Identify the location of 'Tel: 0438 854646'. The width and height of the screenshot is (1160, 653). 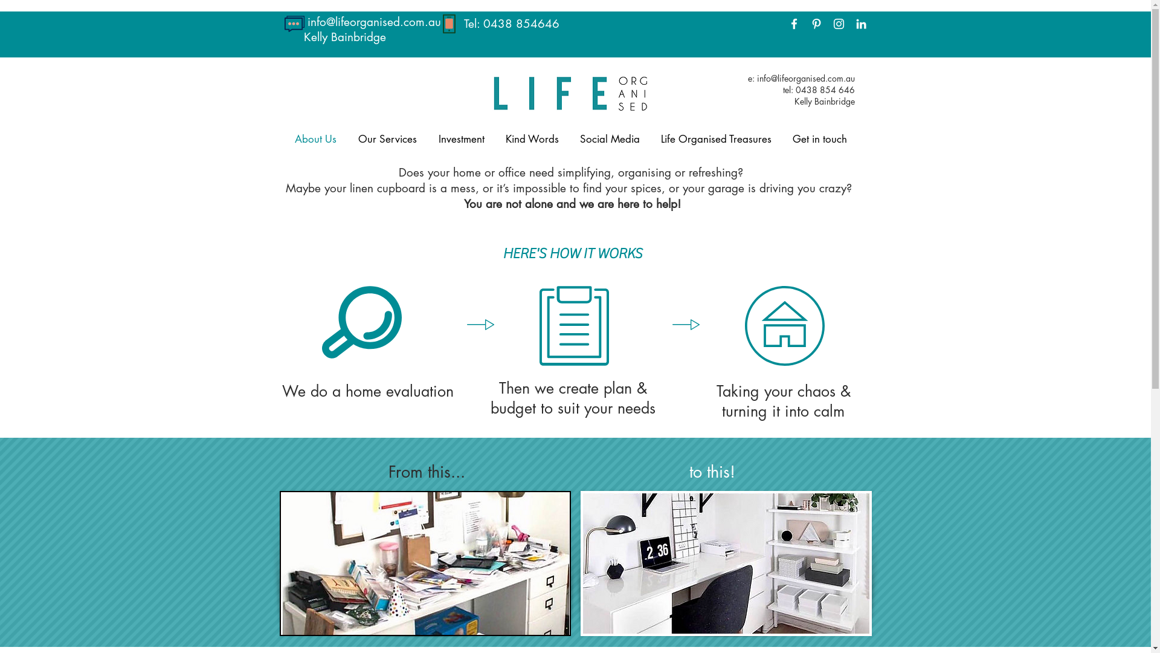
(511, 24).